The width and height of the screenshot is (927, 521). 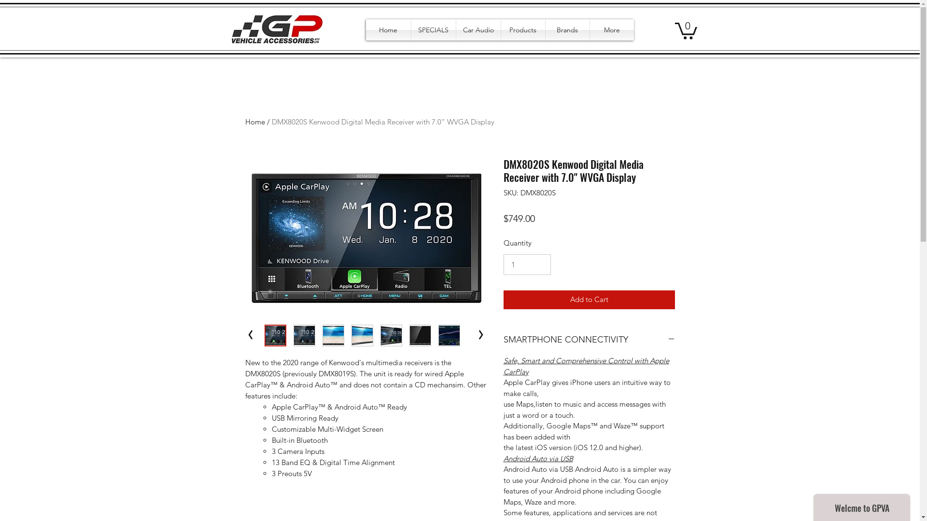 What do you see at coordinates (365, 29) in the screenshot?
I see `'Home'` at bounding box center [365, 29].